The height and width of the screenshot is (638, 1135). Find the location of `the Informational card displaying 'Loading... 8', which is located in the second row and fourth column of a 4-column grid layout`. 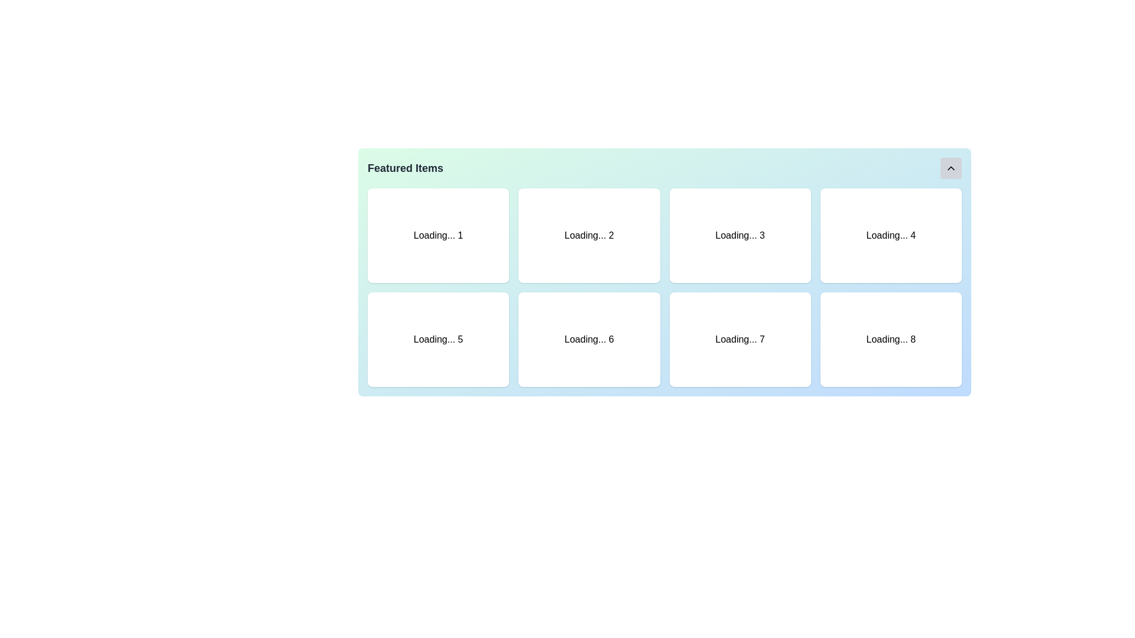

the Informational card displaying 'Loading... 8', which is located in the second row and fourth column of a 4-column grid layout is located at coordinates (891, 339).